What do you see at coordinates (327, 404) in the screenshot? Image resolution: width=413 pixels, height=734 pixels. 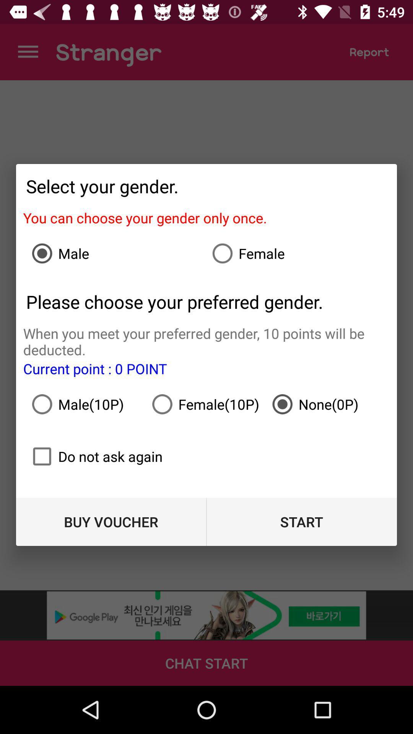 I see `item to the right of the female(10p)` at bounding box center [327, 404].